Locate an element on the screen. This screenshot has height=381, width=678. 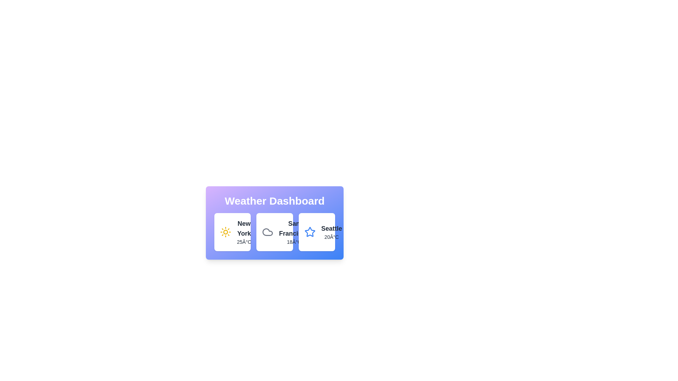
temperature displayed in the text label showing '18°C', located below the text 'San Francisco' within the weather card of the weather dashboard is located at coordinates (294, 242).